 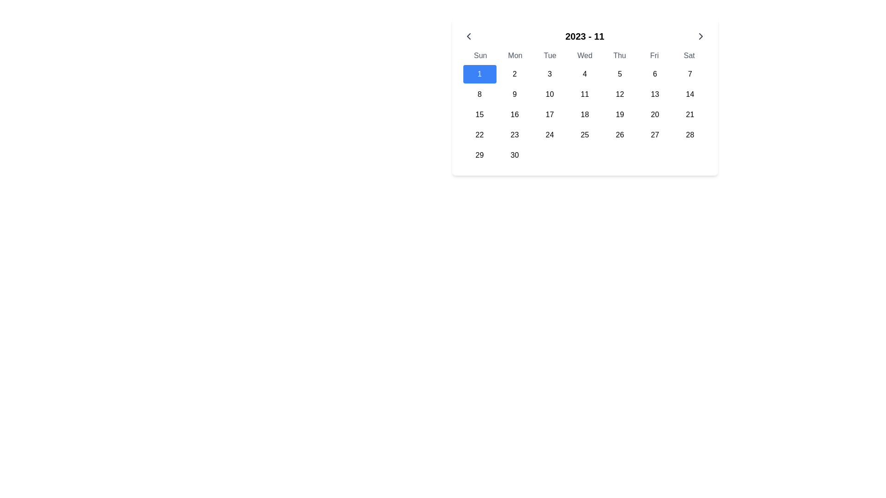 I want to click on the clickable date button displaying the number '18' in a calendar view, so click(x=584, y=114).